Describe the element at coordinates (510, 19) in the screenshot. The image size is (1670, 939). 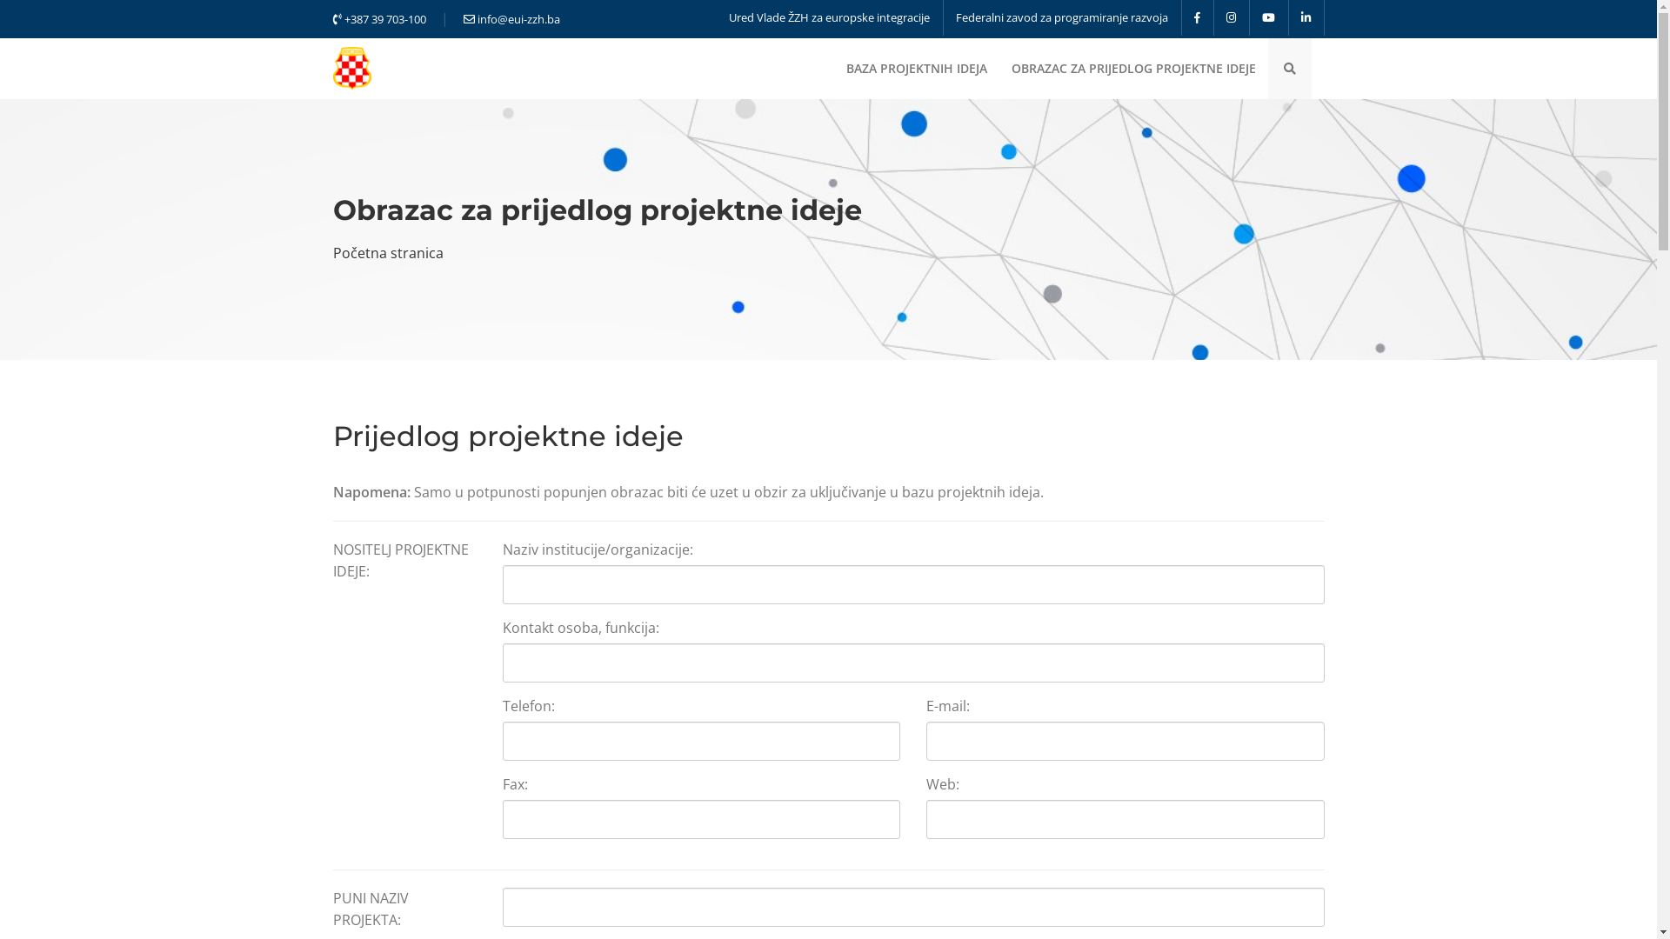
I see `'info@eui-zzh.ba'` at that location.